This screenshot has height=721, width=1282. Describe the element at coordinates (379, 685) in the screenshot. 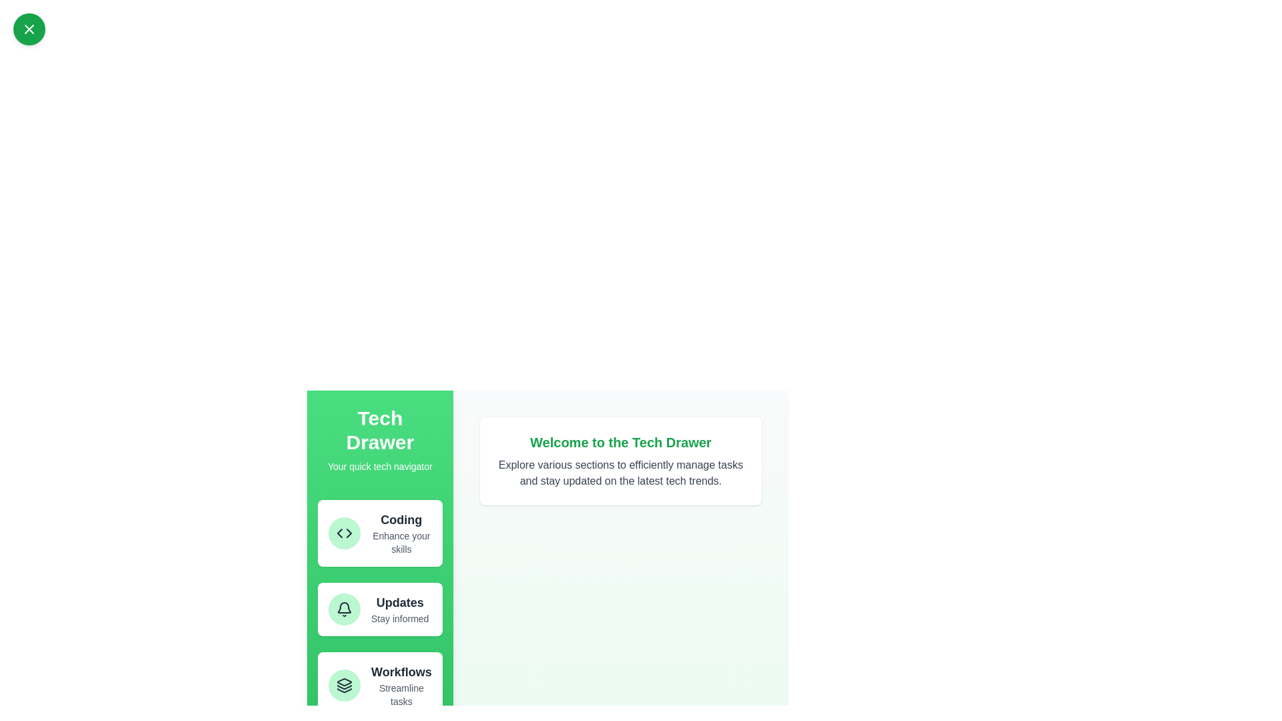

I see `the item Workflows in the drawer` at that location.